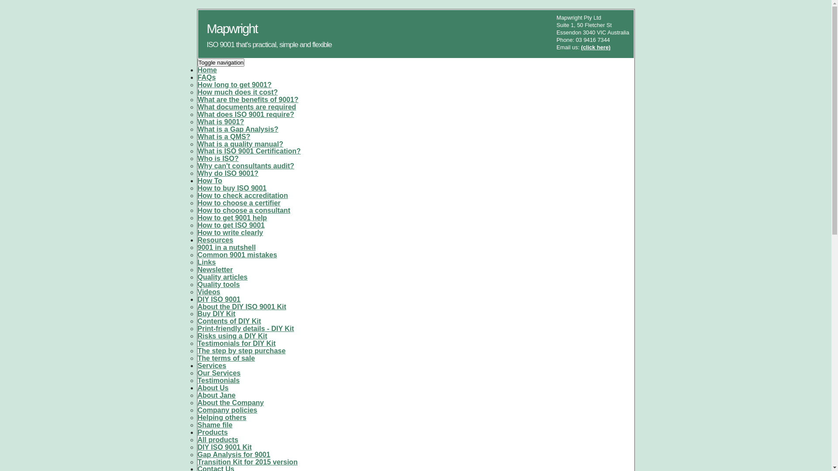 The height and width of the screenshot is (471, 838). I want to click on 'About the Company', so click(230, 403).